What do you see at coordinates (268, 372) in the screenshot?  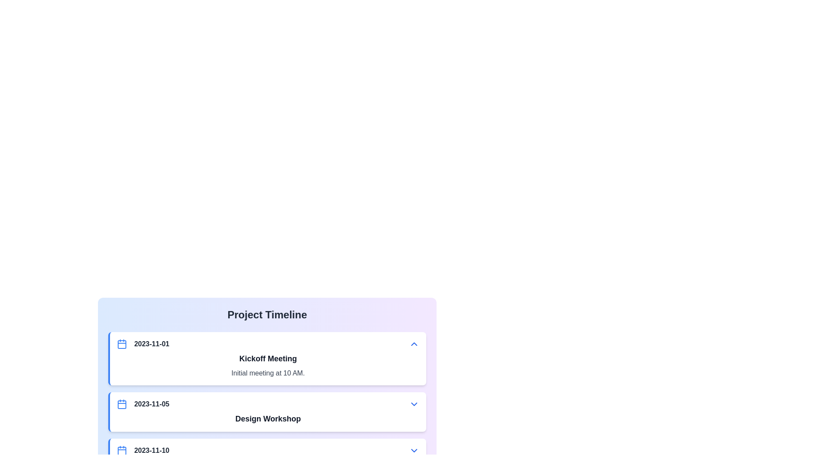 I see `the details of the expanded event 'Kickoff Meeting'` at bounding box center [268, 372].